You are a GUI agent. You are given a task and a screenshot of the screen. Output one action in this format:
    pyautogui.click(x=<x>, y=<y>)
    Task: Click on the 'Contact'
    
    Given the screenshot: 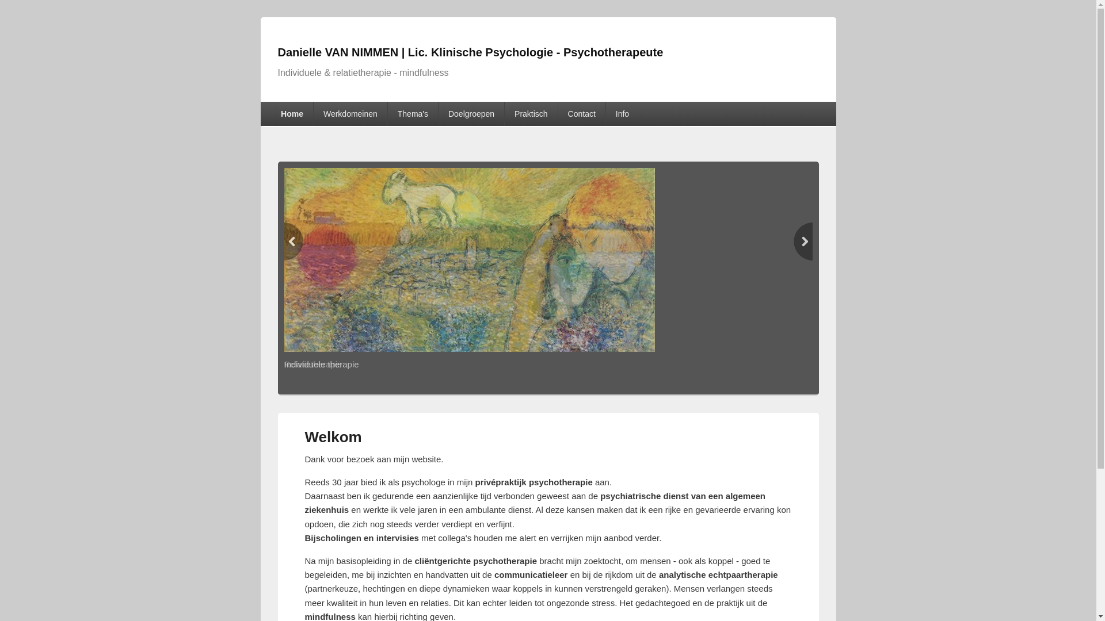 What is the action you would take?
    pyautogui.click(x=582, y=113)
    